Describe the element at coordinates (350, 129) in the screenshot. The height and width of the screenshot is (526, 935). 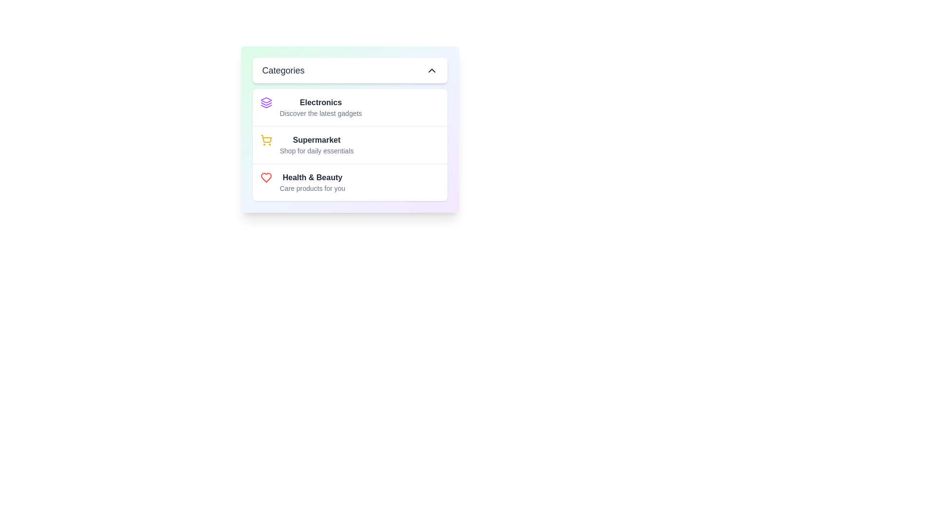
I see `the categorized navigation list element` at that location.